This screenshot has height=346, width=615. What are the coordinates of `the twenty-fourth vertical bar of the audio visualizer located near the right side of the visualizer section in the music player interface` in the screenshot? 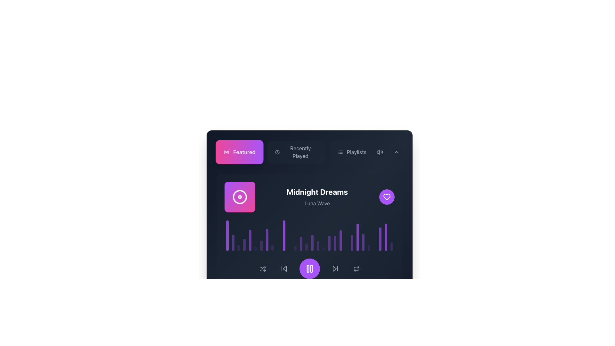 It's located at (380, 239).